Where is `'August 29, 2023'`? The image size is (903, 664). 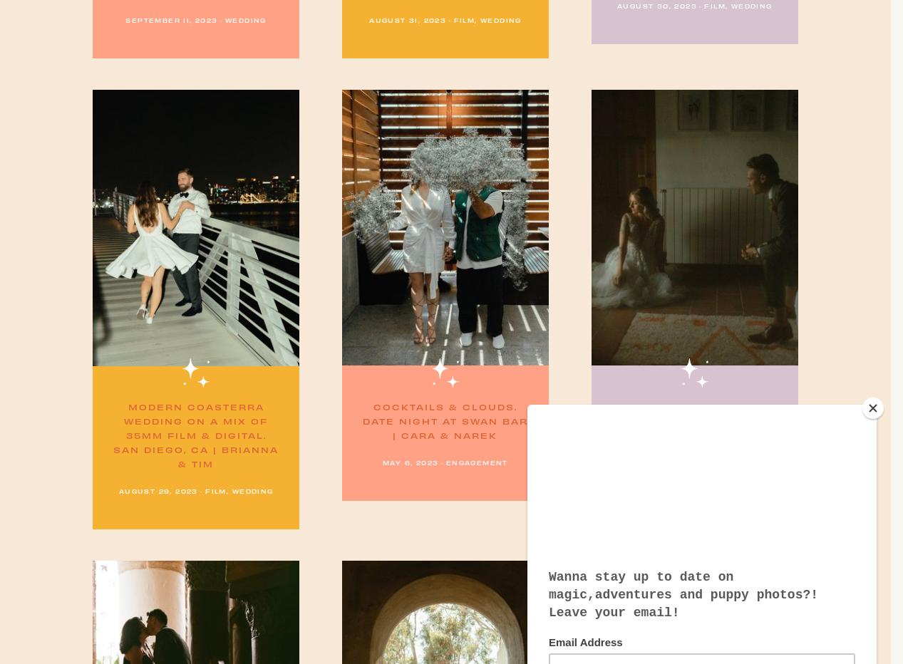 'August 29, 2023' is located at coordinates (157, 491).